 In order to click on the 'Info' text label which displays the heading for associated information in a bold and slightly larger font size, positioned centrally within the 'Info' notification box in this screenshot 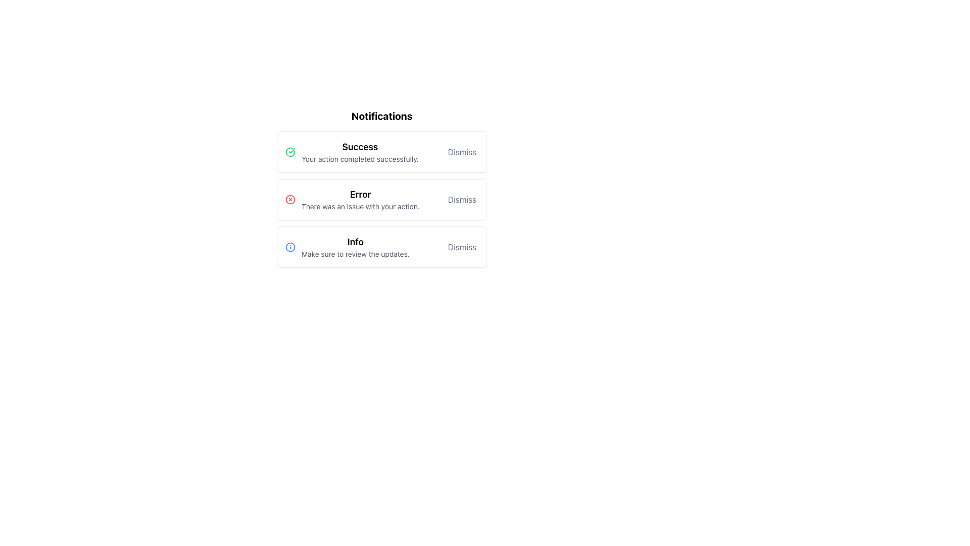, I will do `click(355, 242)`.